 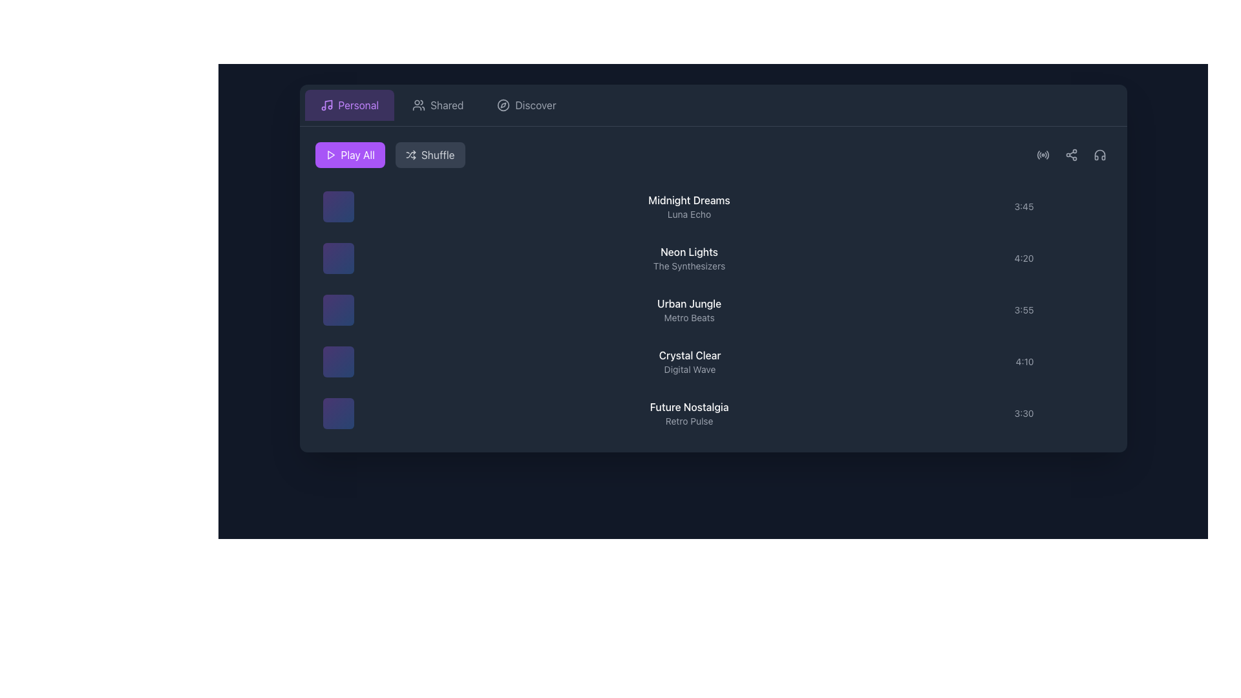 What do you see at coordinates (1099, 154) in the screenshot?
I see `the audio settings button, which is the third button in a horizontal sequence on the right side of the interface panel` at bounding box center [1099, 154].